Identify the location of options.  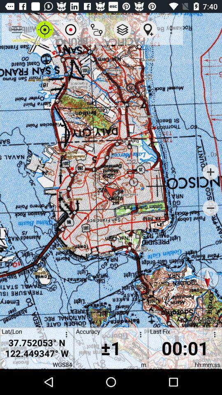
(65, 336).